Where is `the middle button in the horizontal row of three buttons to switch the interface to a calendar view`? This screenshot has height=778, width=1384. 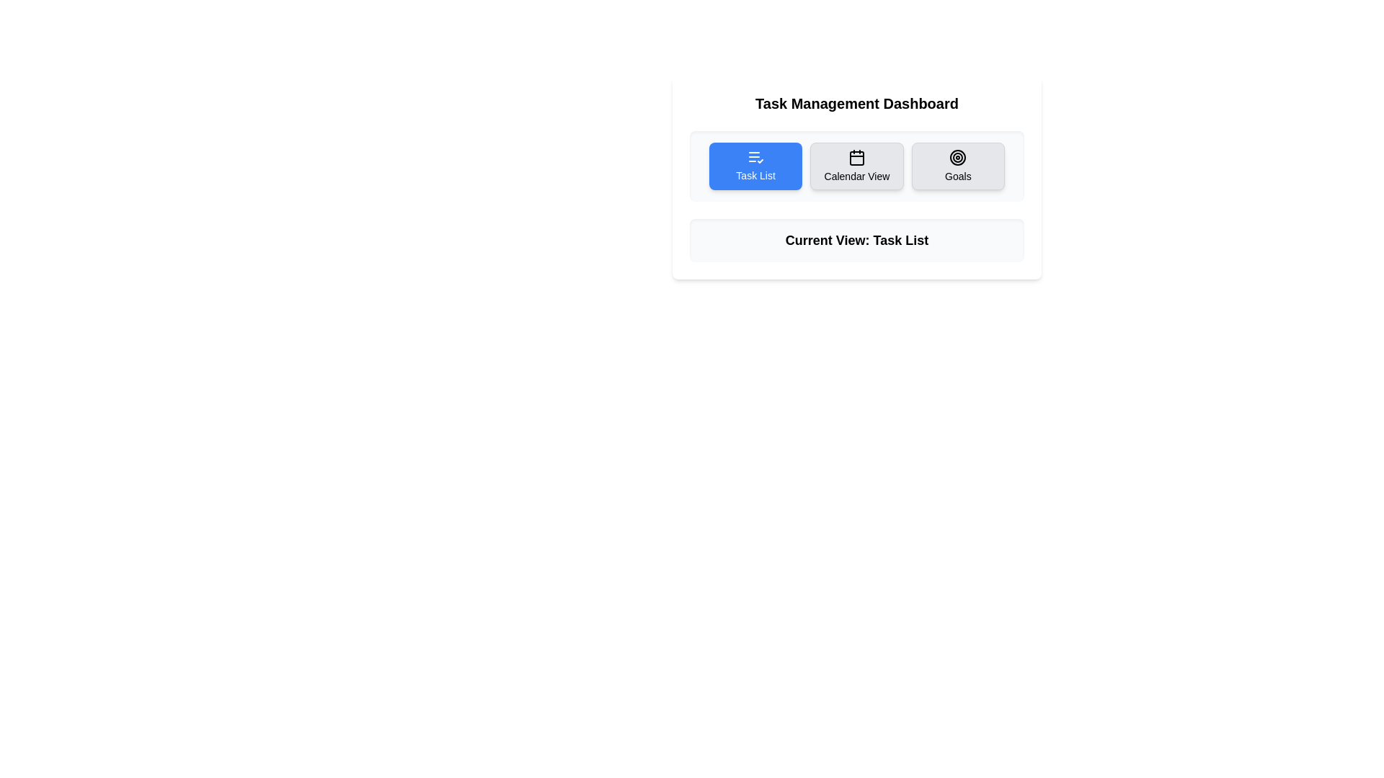
the middle button in the horizontal row of three buttons to switch the interface to a calendar view is located at coordinates (857, 166).